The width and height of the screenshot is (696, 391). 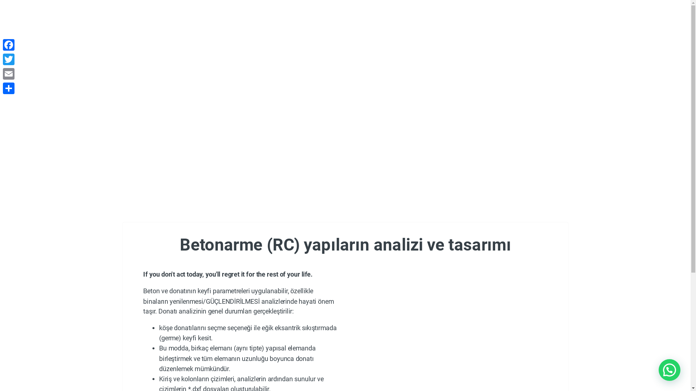 What do you see at coordinates (1, 74) in the screenshot?
I see `'Email'` at bounding box center [1, 74].